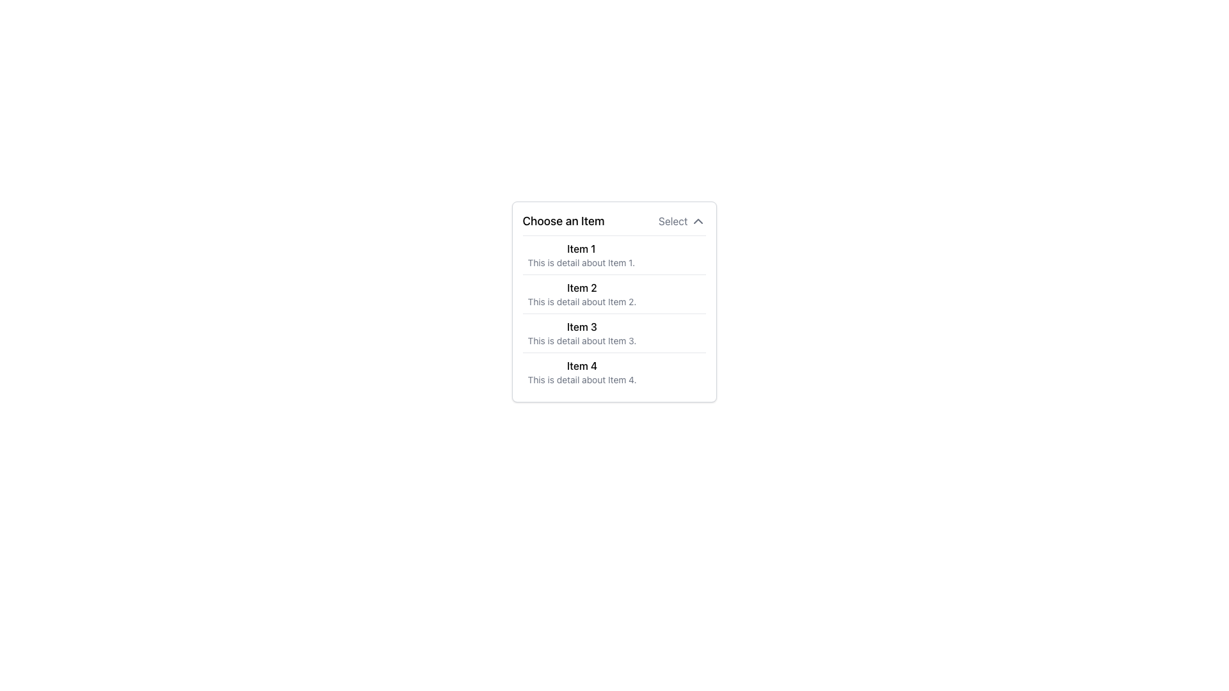 Image resolution: width=1229 pixels, height=691 pixels. I want to click on the descriptive text label located directly beneath the bold title 'Item 2' in the dropdown list, so click(581, 301).